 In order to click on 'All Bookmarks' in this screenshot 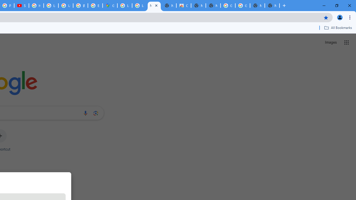, I will do `click(338, 27)`.